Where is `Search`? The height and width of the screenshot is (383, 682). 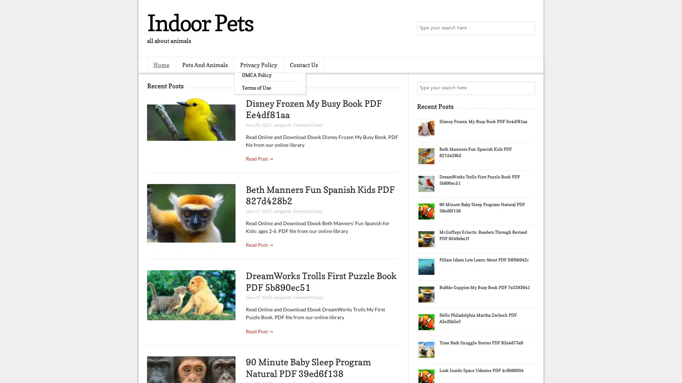
Search is located at coordinates (527, 88).